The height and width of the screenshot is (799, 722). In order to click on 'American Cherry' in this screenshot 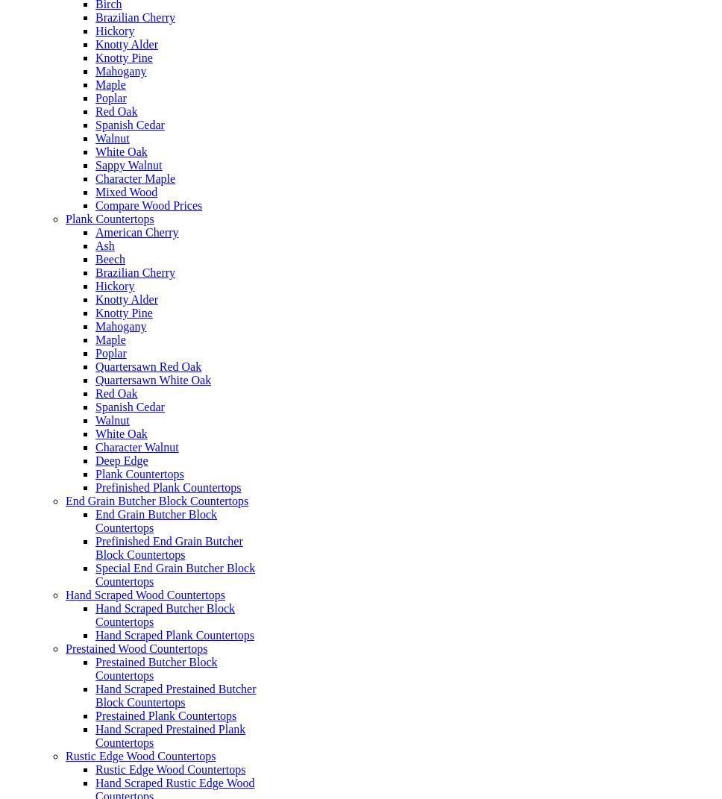, I will do `click(94, 231)`.